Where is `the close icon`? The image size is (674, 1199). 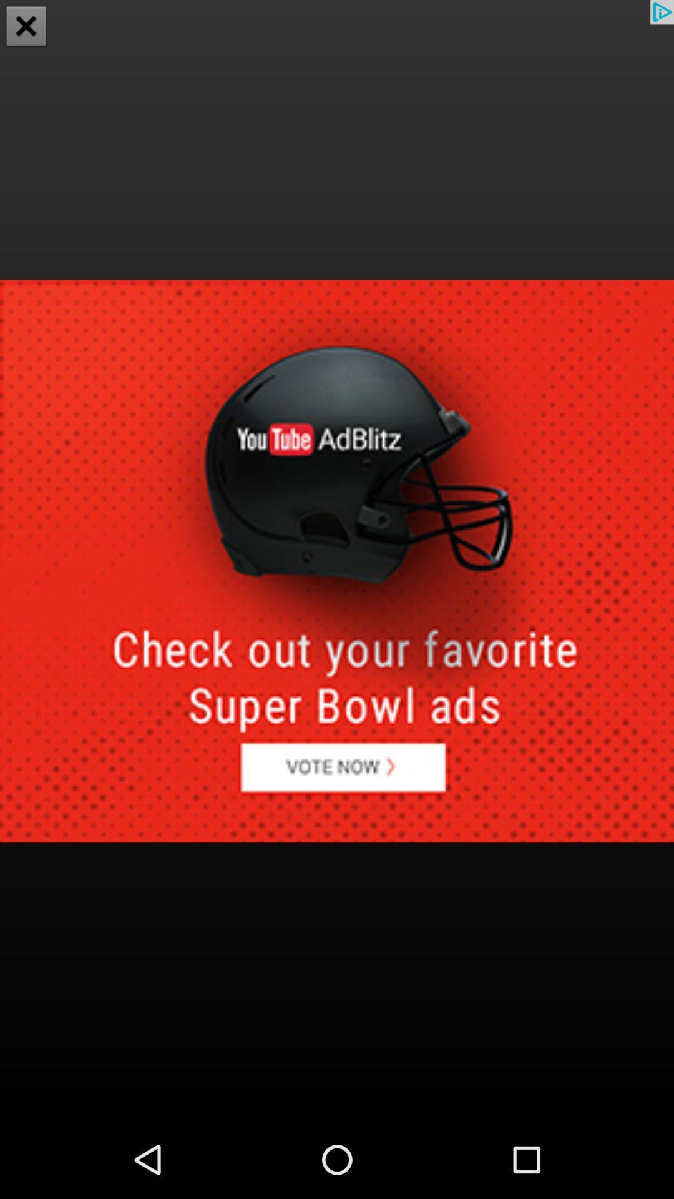 the close icon is located at coordinates (26, 27).